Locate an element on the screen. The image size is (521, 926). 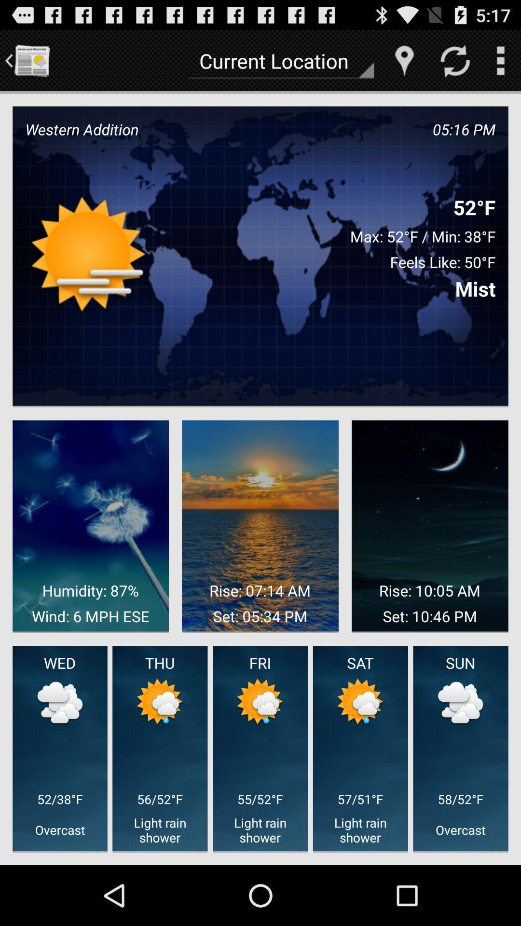
icon to the left of current location is located at coordinates (31, 60).